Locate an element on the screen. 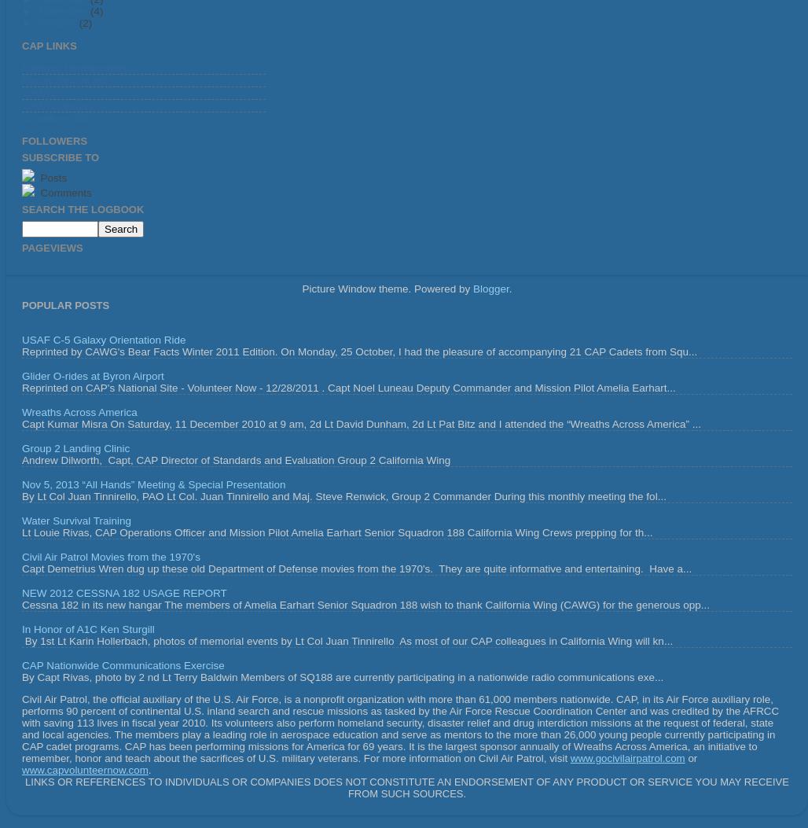 The height and width of the screenshot is (828, 808). 'CAWG Group 2' is located at coordinates (58, 105).